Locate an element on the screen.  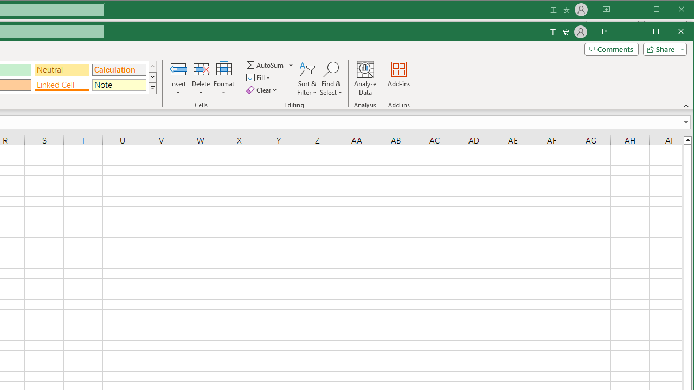
'Sort & Filter' is located at coordinates (307, 78).